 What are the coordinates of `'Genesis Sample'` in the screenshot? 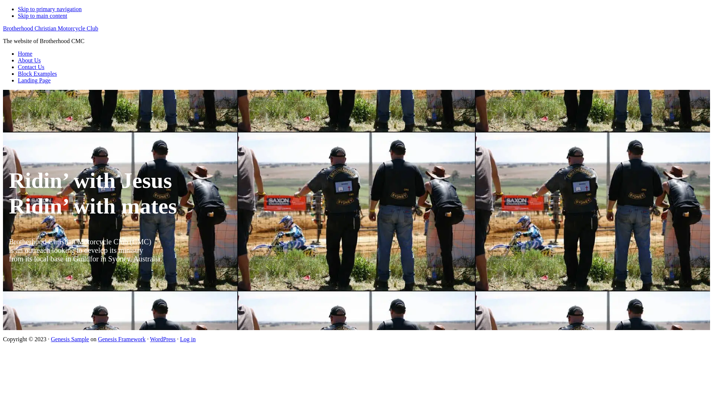 It's located at (70, 339).